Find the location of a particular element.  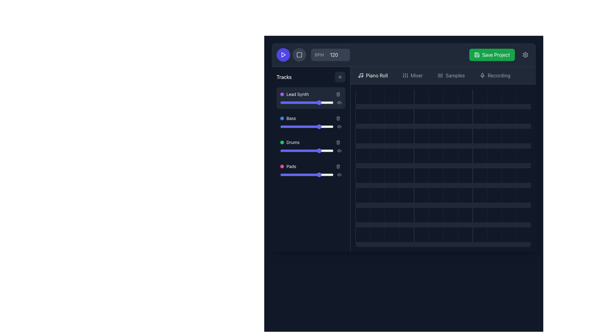

the icon that serves as a button or marker is located at coordinates (405, 75).